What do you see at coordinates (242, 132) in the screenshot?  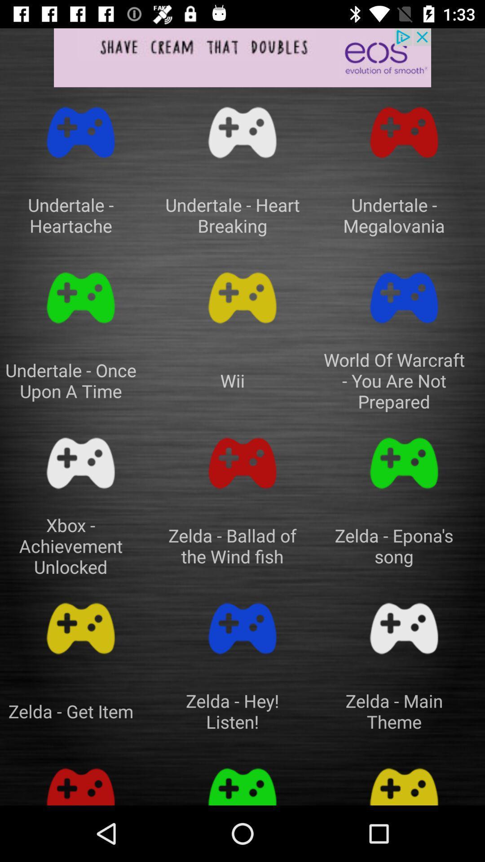 I see `undertale heart breaking` at bounding box center [242, 132].